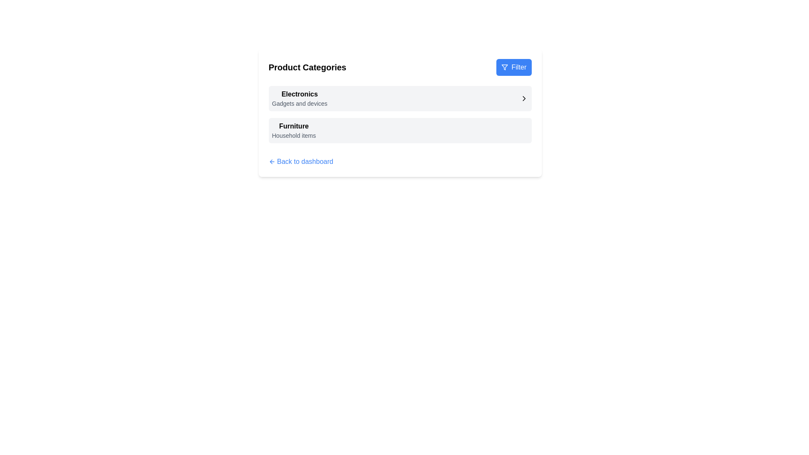 The image size is (809, 455). Describe the element at coordinates (301, 162) in the screenshot. I see `the blue text hyperlink labeled 'Back to dashboard' with a leftward arrow icon` at that location.